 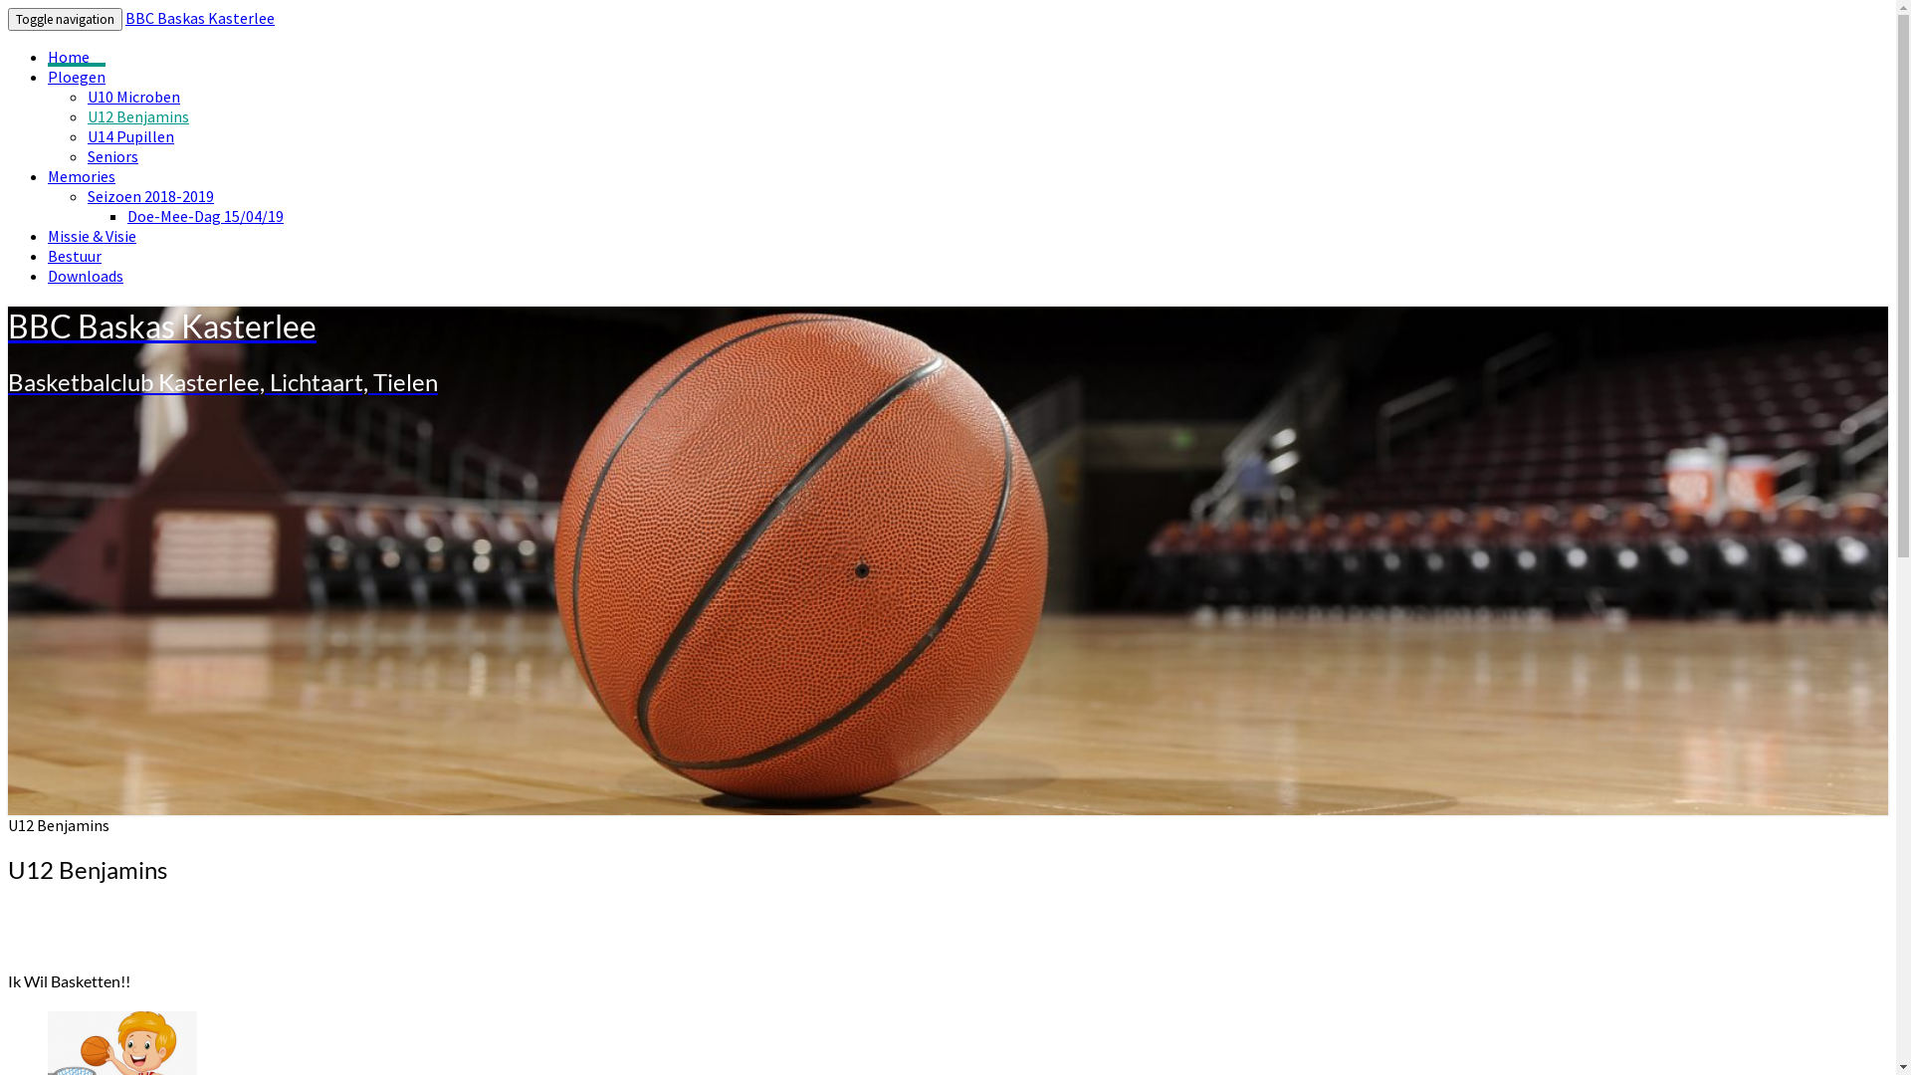 I want to click on 'Memories', so click(x=80, y=175).